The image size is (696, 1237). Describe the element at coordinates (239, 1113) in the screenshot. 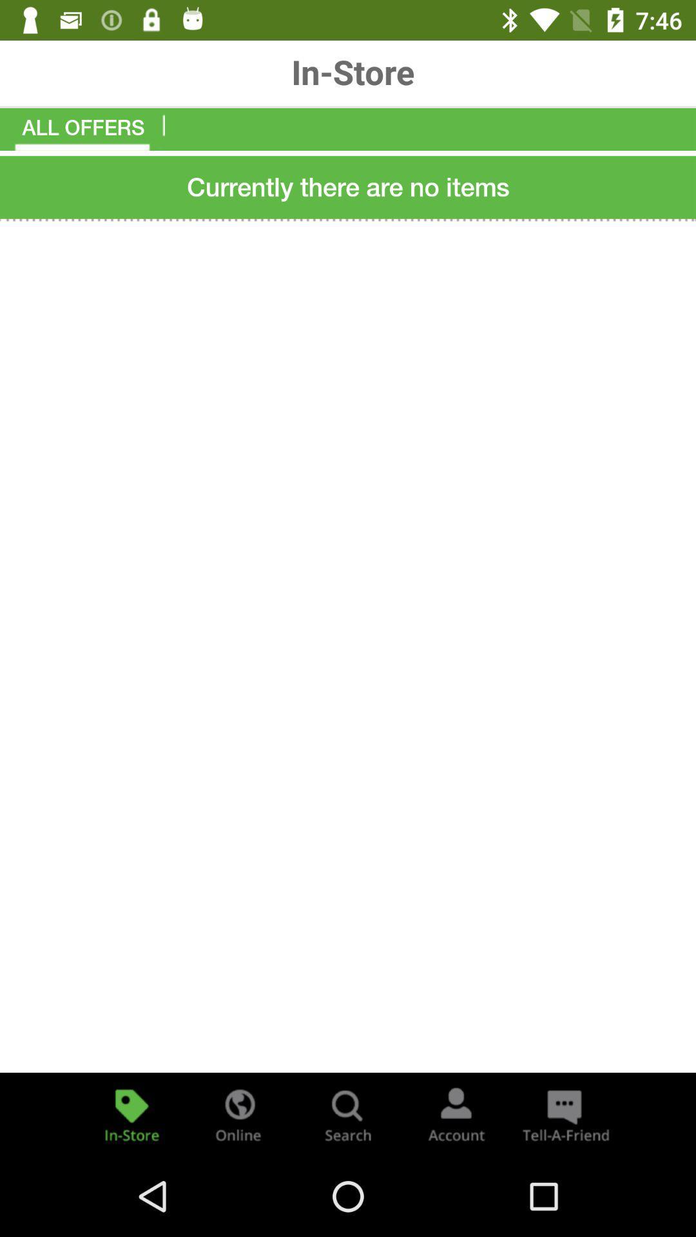

I see `show online discounts` at that location.